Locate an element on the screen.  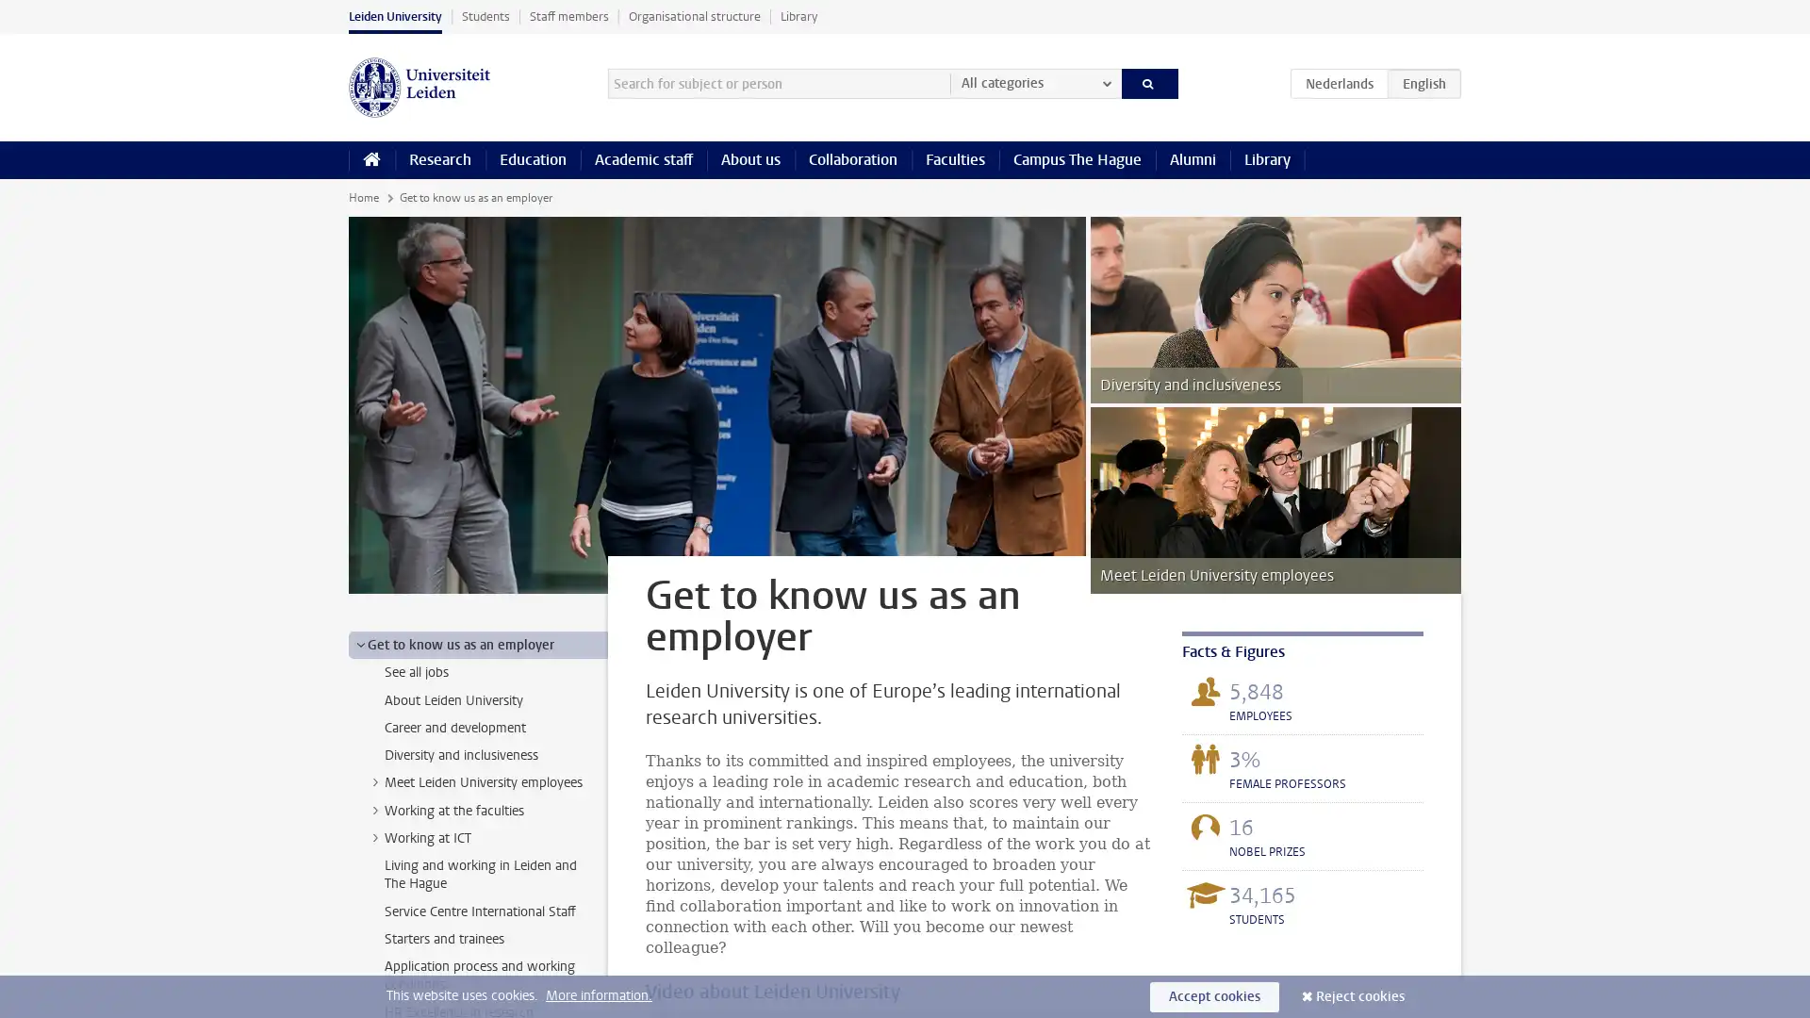
Reject cookies is located at coordinates (1360, 995).